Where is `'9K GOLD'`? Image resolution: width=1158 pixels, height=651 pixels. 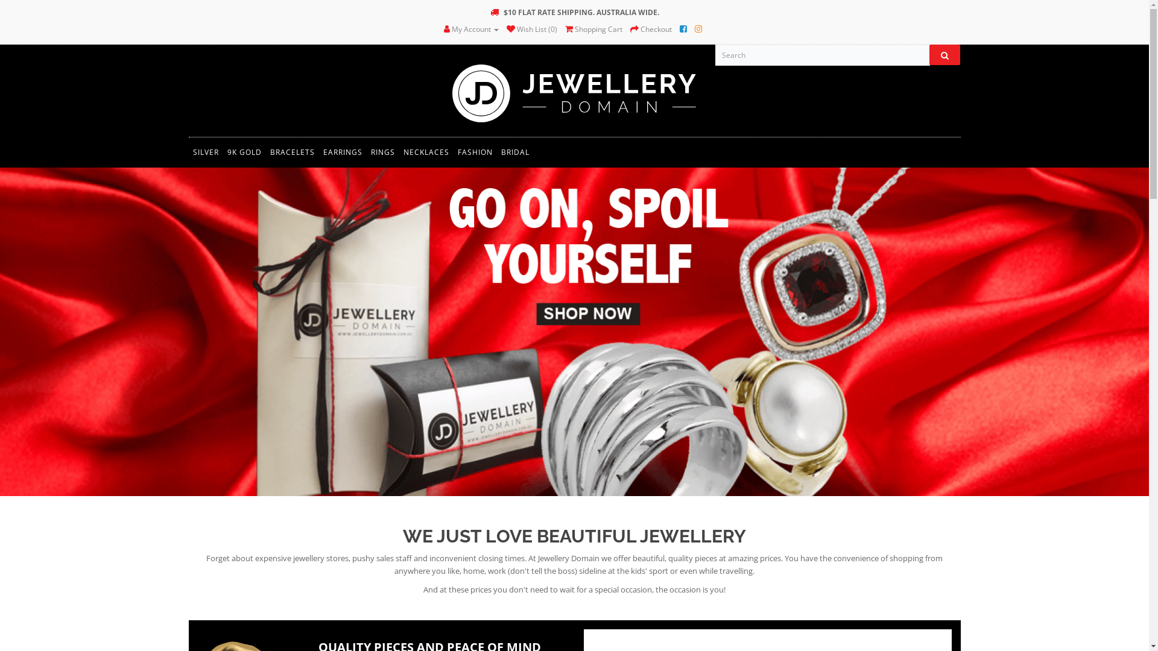
'9K GOLD' is located at coordinates (244, 152).